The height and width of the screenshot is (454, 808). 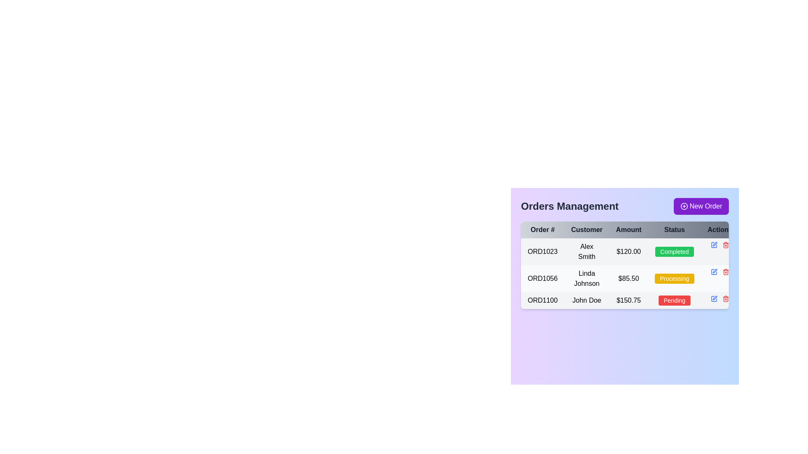 What do you see at coordinates (586, 279) in the screenshot?
I see `the Text label displaying the customer name associated with order ID 'ORD1056' in the 'Customer' column of the table` at bounding box center [586, 279].